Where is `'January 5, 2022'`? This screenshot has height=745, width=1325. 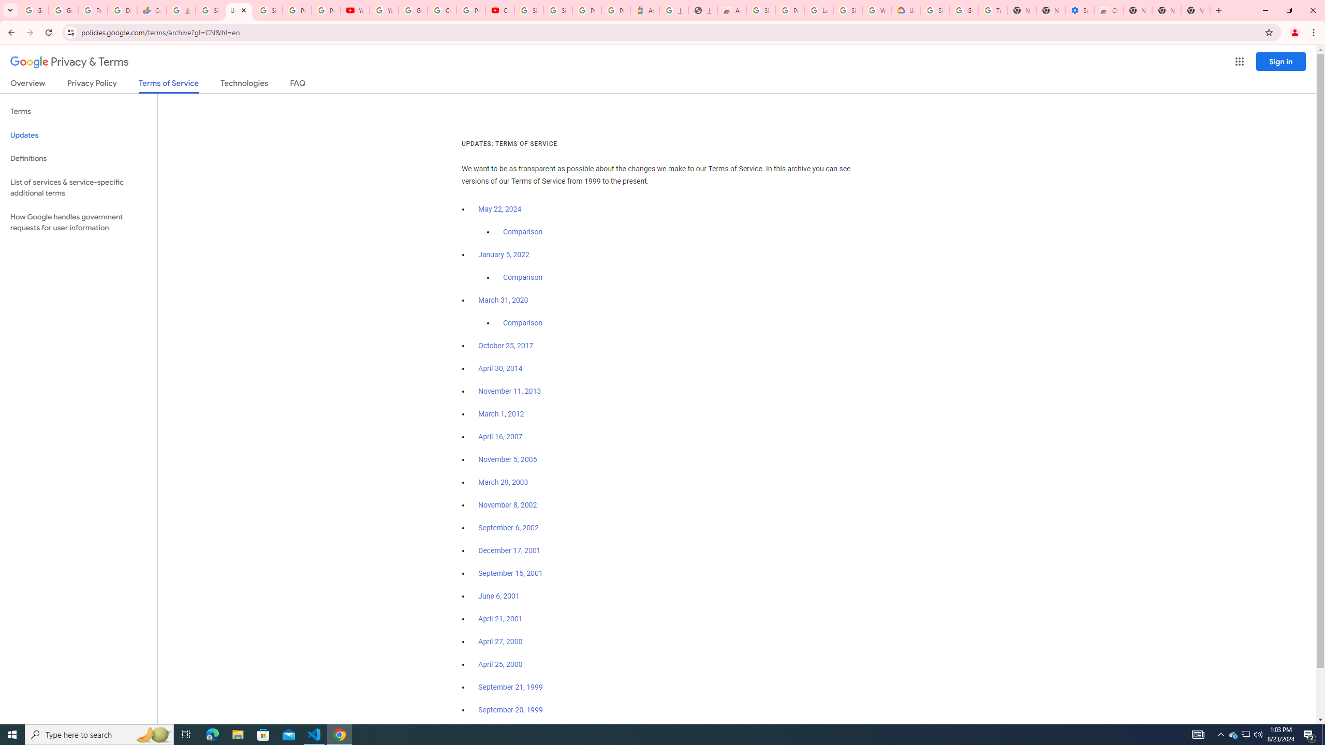
'January 5, 2022' is located at coordinates (504, 255).